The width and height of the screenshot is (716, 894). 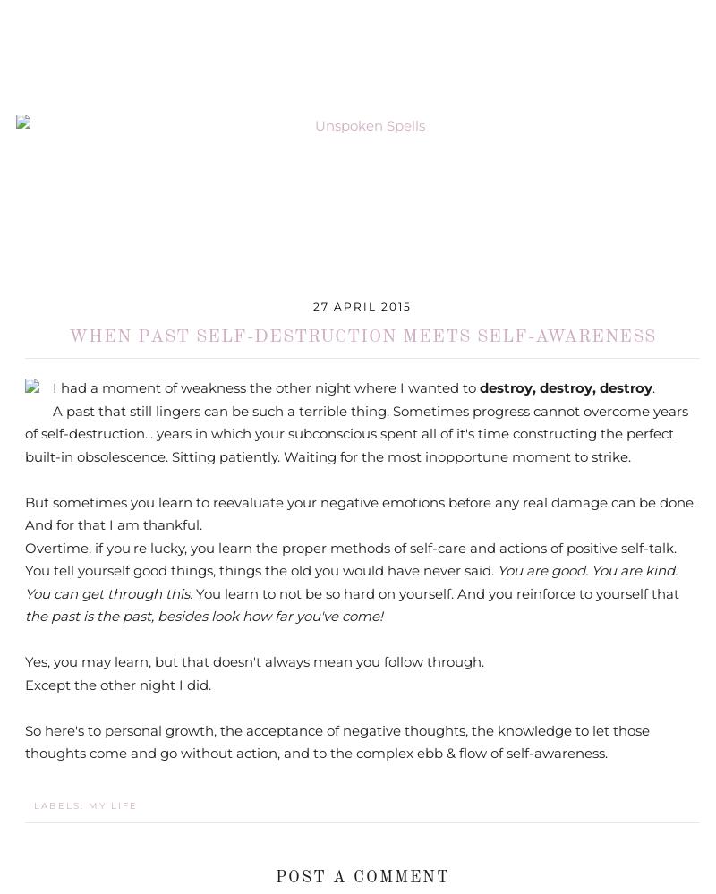 I want to click on 'the past is the past, besides look how far you've come!', so click(x=203, y=616).